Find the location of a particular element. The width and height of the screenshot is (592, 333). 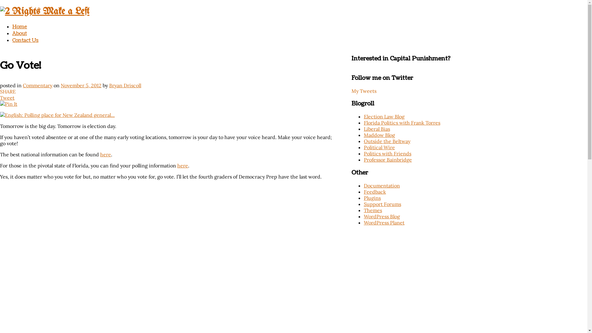

'Tweet' is located at coordinates (7, 97).